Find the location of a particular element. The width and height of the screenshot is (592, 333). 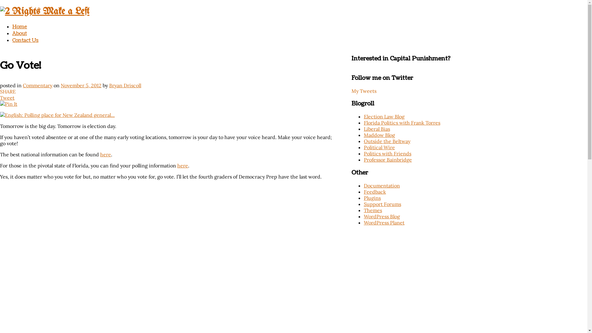

'Tweet' is located at coordinates (7, 97).